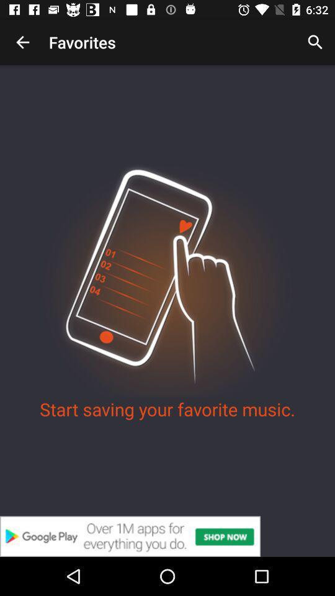 The height and width of the screenshot is (596, 335). I want to click on advertisements, so click(167, 536).